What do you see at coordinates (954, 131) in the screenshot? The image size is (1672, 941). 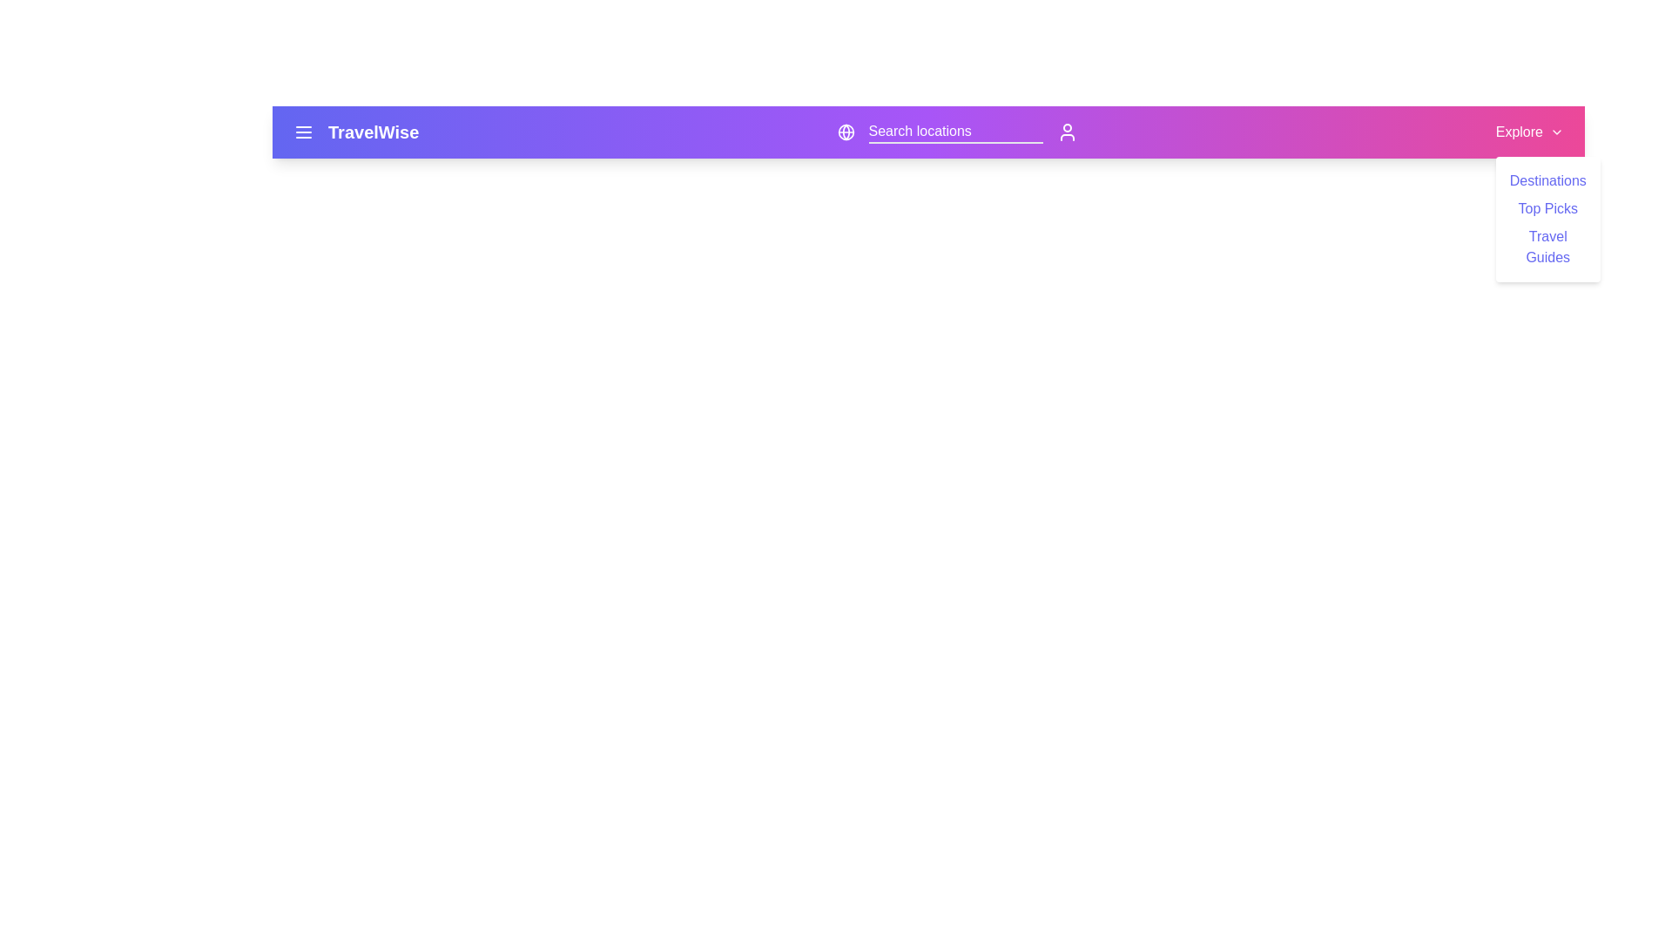 I see `the search bar and type 'Paris'` at bounding box center [954, 131].